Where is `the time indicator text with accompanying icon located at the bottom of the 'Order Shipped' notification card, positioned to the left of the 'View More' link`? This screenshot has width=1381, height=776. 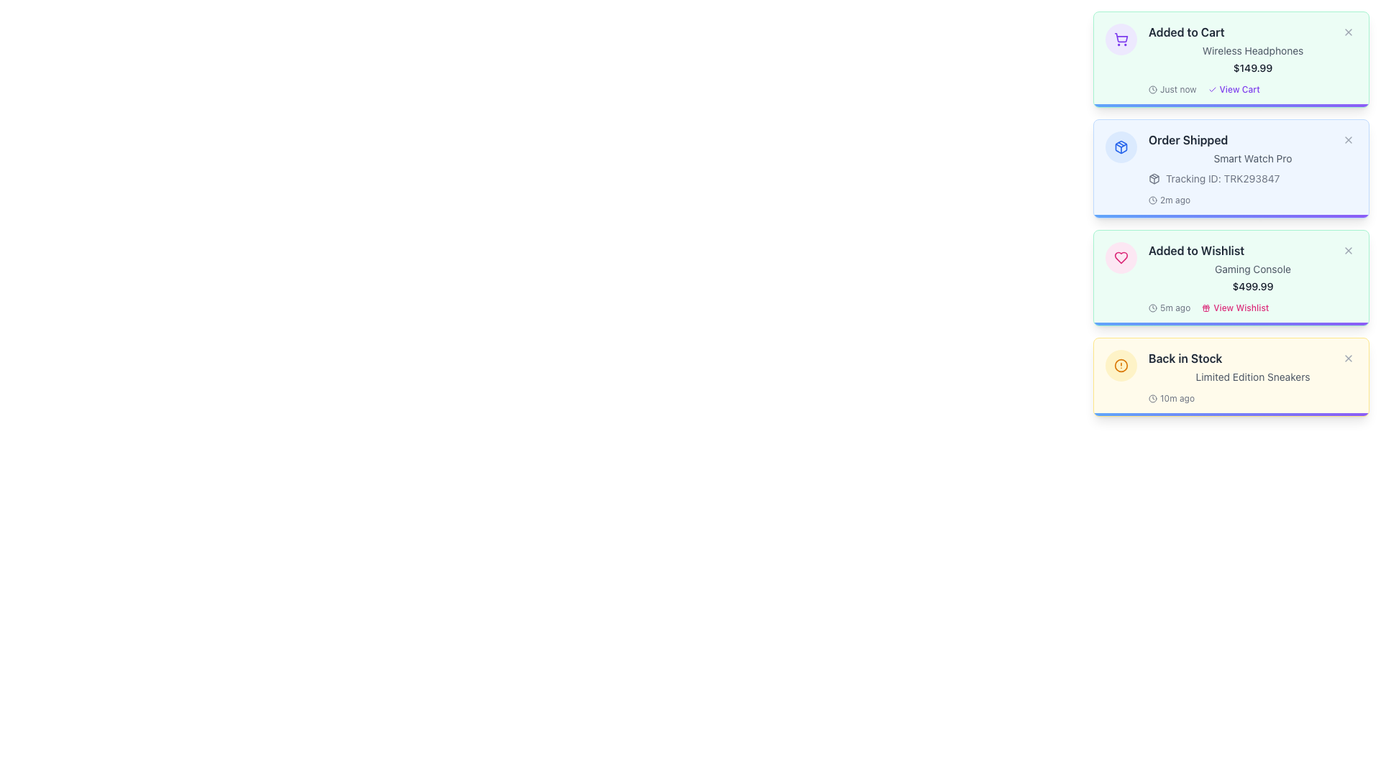 the time indicator text with accompanying icon located at the bottom of the 'Order Shipped' notification card, positioned to the left of the 'View More' link is located at coordinates (1170, 200).